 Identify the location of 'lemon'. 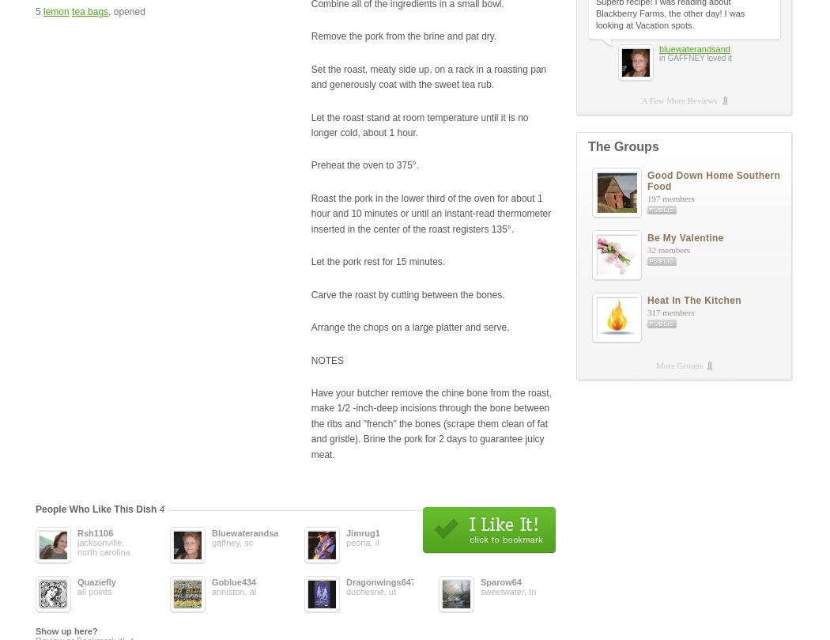
(55, 11).